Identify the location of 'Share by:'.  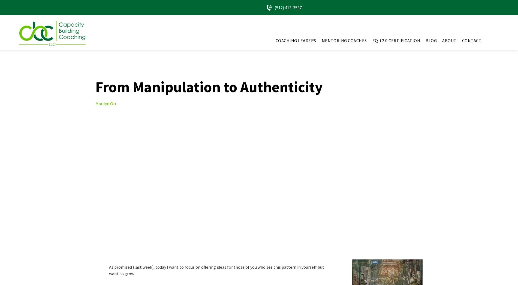
(11, 14).